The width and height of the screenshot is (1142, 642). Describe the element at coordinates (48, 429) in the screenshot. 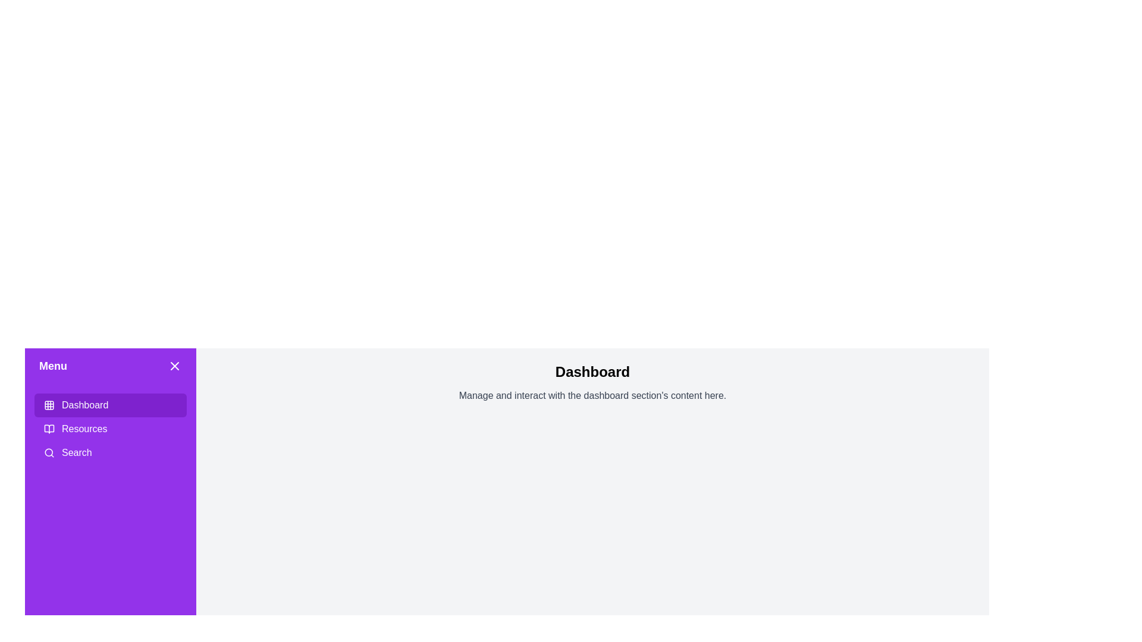

I see `the open book icon located in the 'Resources' menu option, which is positioned directly to the left of the 'Resources' text label` at that location.